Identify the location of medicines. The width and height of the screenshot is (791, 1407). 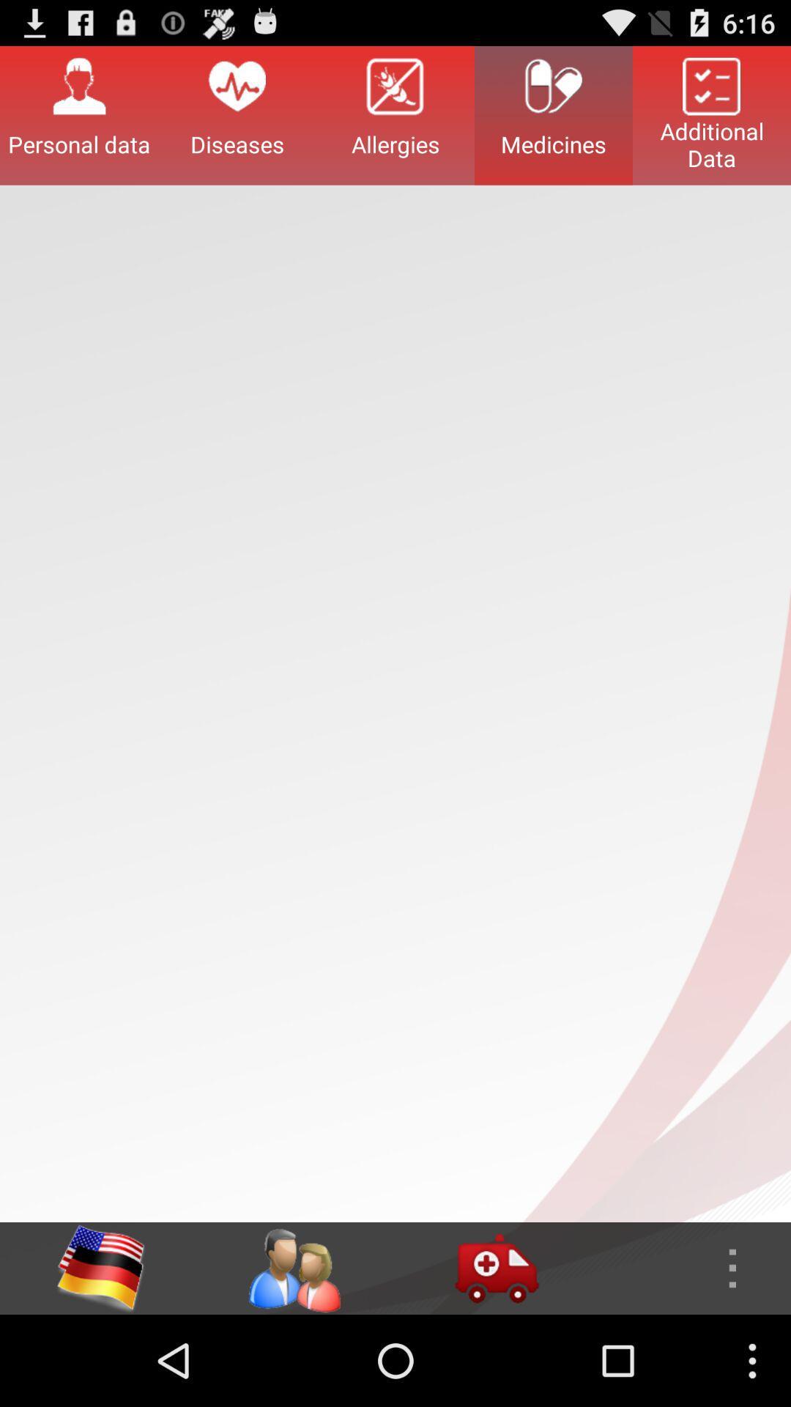
(554, 114).